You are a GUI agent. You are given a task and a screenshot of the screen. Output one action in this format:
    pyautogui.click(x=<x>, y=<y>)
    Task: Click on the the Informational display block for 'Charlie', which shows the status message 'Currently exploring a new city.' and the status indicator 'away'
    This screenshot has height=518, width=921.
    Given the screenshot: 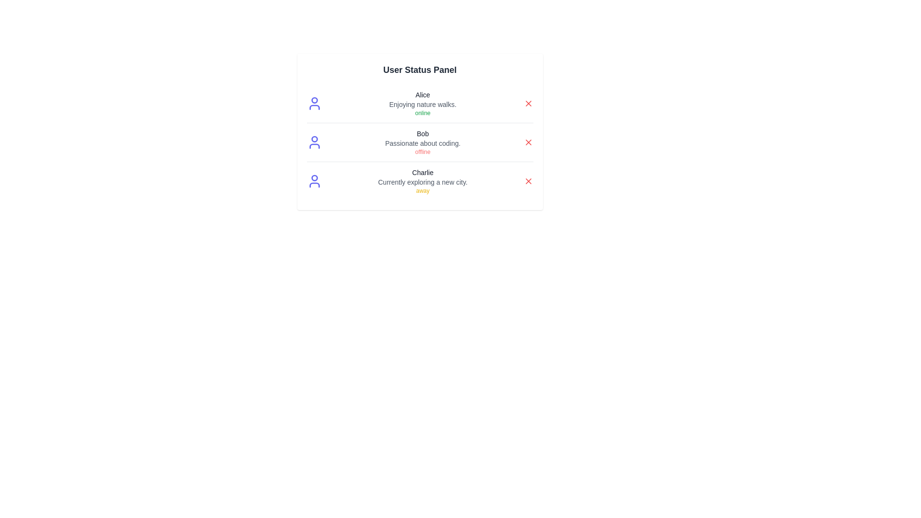 What is the action you would take?
    pyautogui.click(x=422, y=181)
    